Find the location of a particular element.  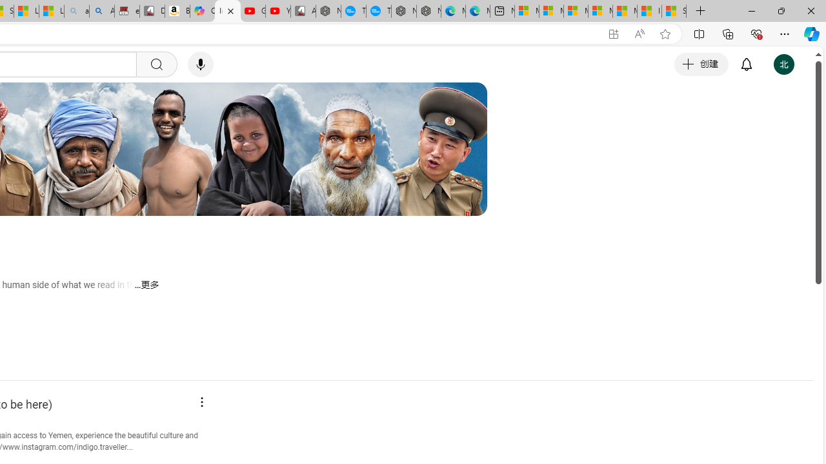

'Amazon Echo Dot PNG - Search Images' is located at coordinates (101, 11).